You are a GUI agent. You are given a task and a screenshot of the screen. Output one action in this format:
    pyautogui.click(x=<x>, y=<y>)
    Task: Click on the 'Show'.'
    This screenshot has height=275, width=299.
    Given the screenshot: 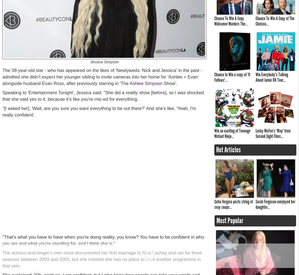 What is the action you would take?
    pyautogui.click(x=170, y=83)
    